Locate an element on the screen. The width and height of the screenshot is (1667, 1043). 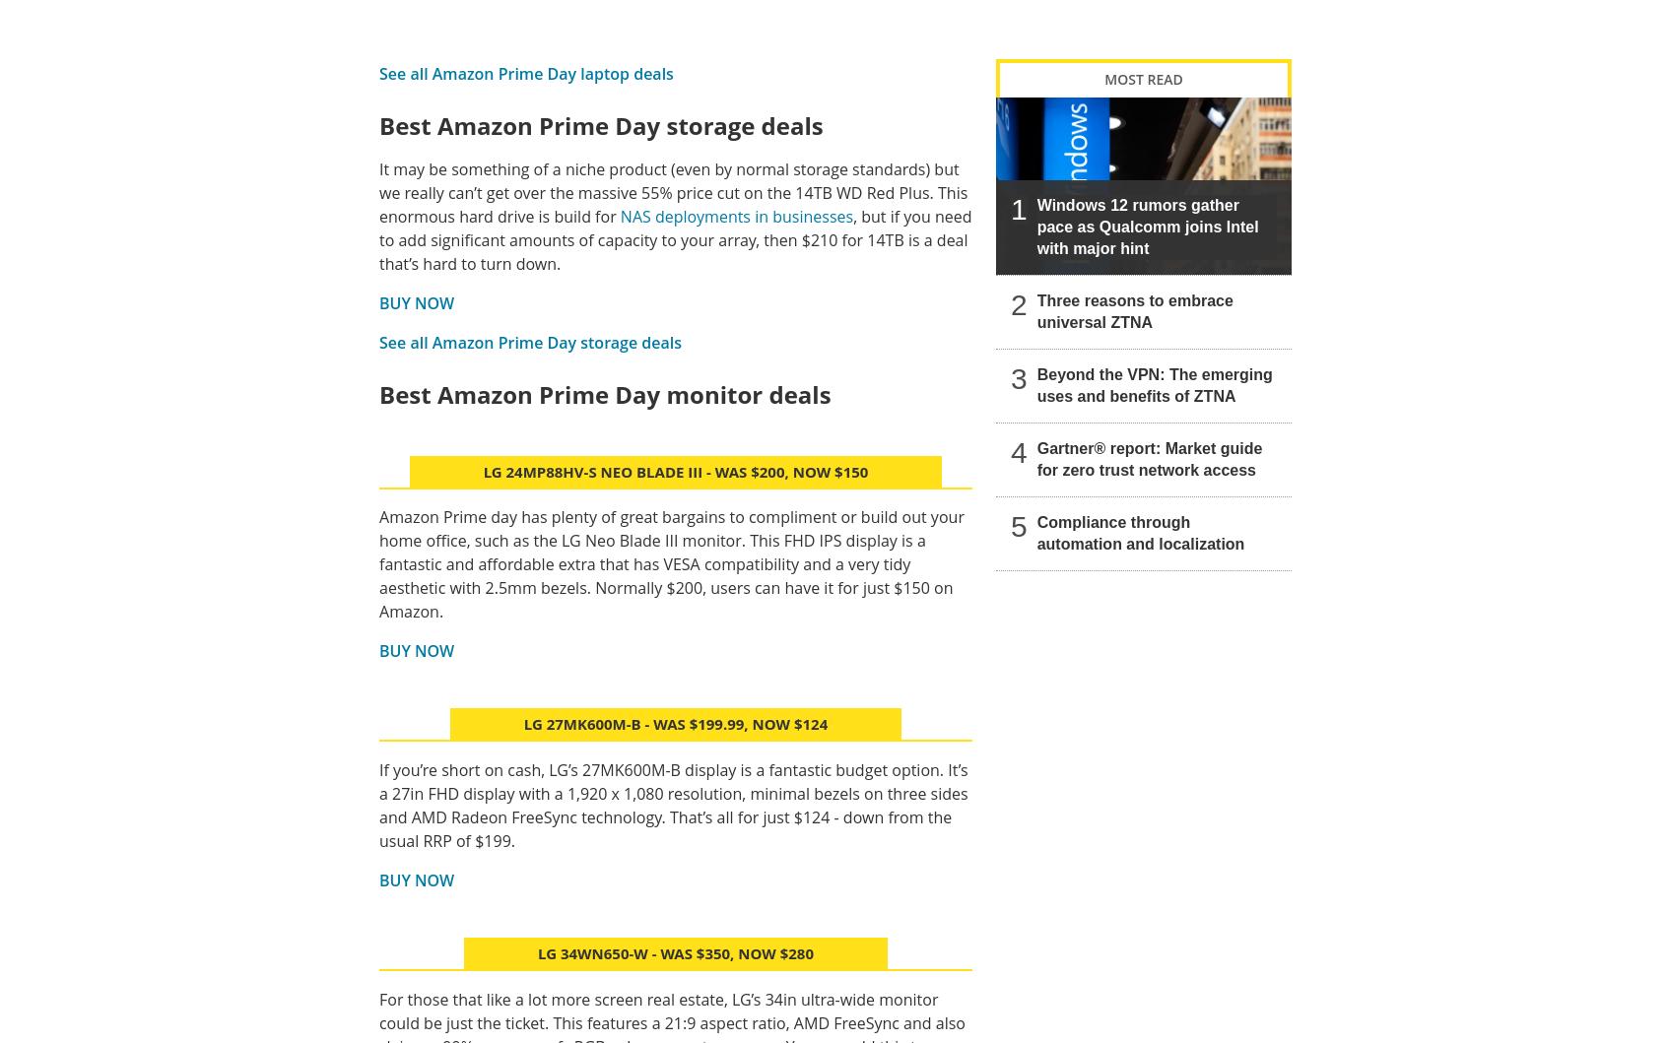
'LG 24MP88HV-S Neo Blade III - Was $200, now $150' is located at coordinates (675, 471).